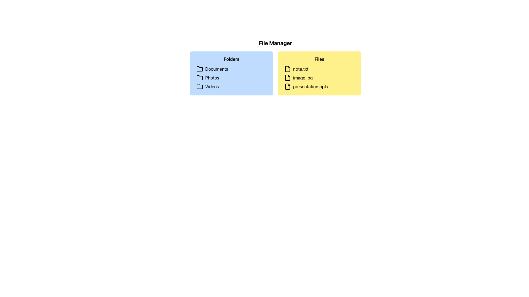  What do you see at coordinates (231, 59) in the screenshot?
I see `the 'Folders' label, which is a bold text label at the top-center of the blue rectangular section on the left side of the interface` at bounding box center [231, 59].